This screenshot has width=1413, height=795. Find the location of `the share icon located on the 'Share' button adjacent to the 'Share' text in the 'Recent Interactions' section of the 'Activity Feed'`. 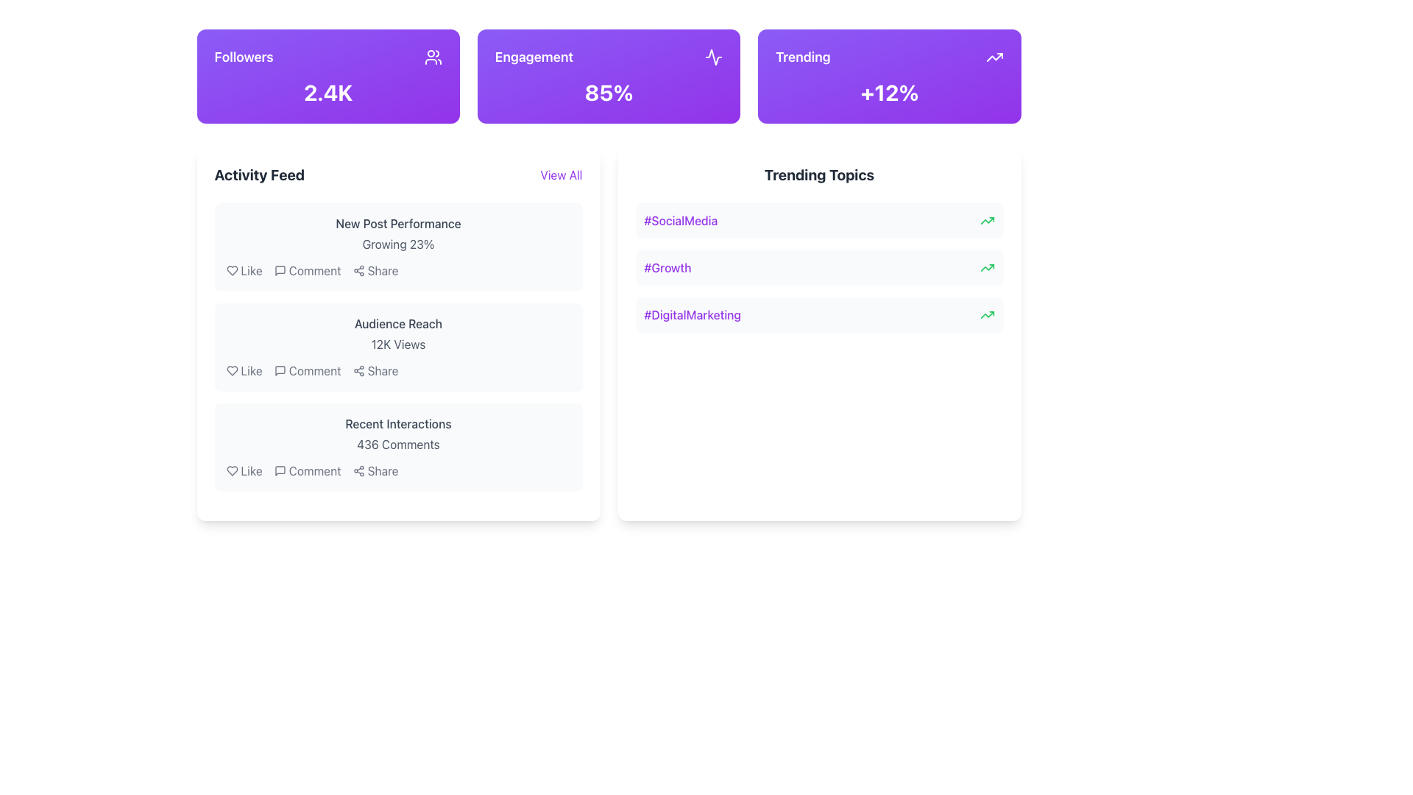

the share icon located on the 'Share' button adjacent to the 'Share' text in the 'Recent Interactions' section of the 'Activity Feed' is located at coordinates (358, 471).